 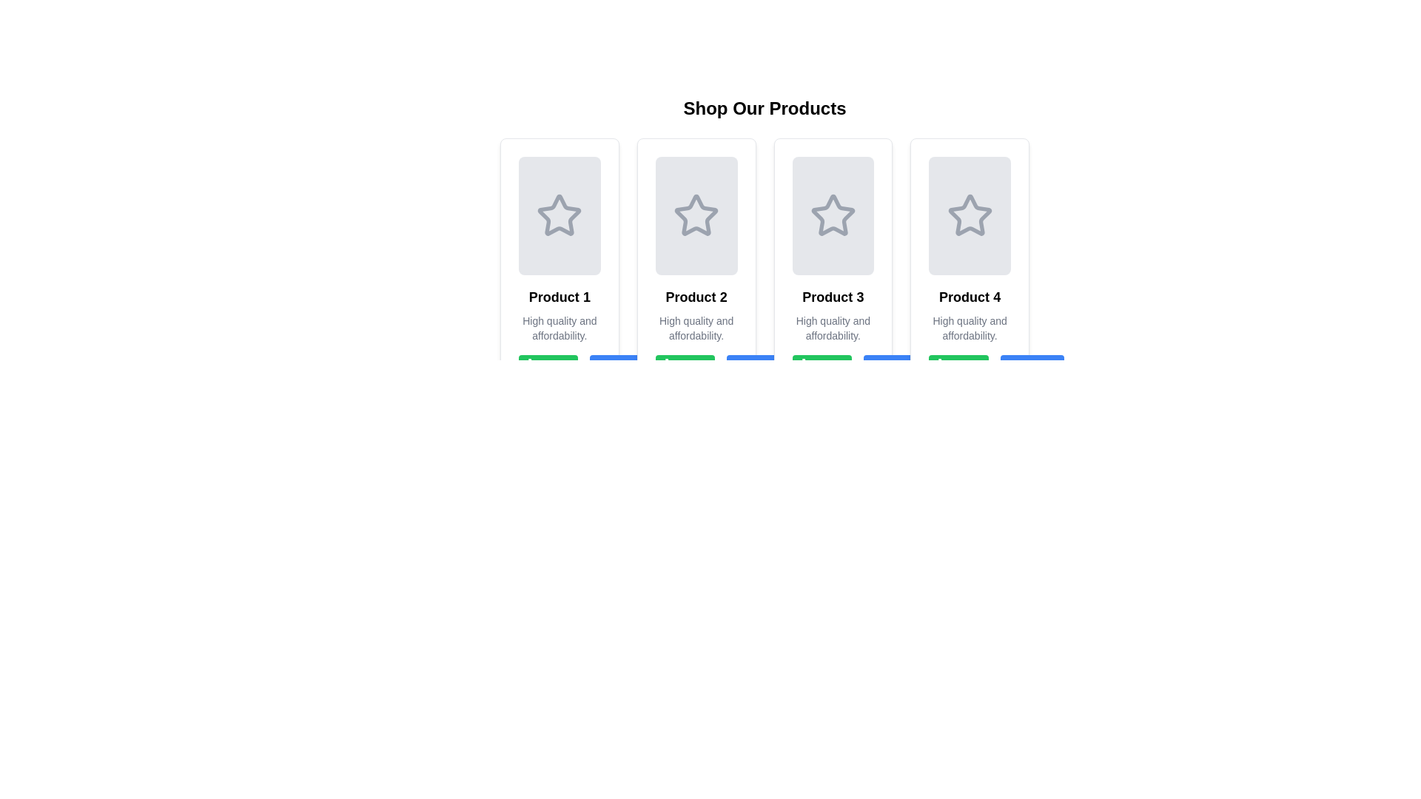 I want to click on the clickable text indicator within the button for 'Product 4', so click(x=1041, y=366).